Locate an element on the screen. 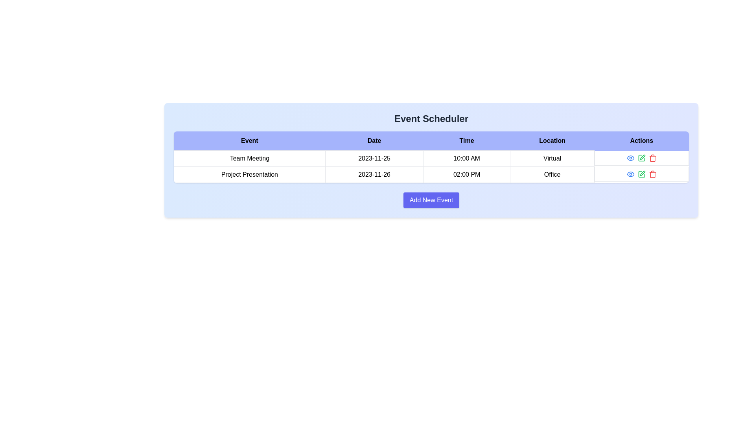 This screenshot has height=425, width=755. the Text label indicating the date for the 'Team Meeting' event, located in the second column of the first row in the table under the 'Date' column is located at coordinates (374, 158).